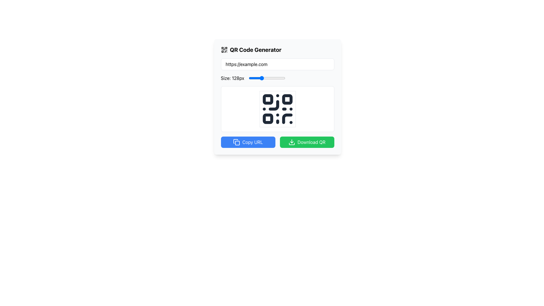 The image size is (544, 306). What do you see at coordinates (264, 78) in the screenshot?
I see `the QR code size` at bounding box center [264, 78].